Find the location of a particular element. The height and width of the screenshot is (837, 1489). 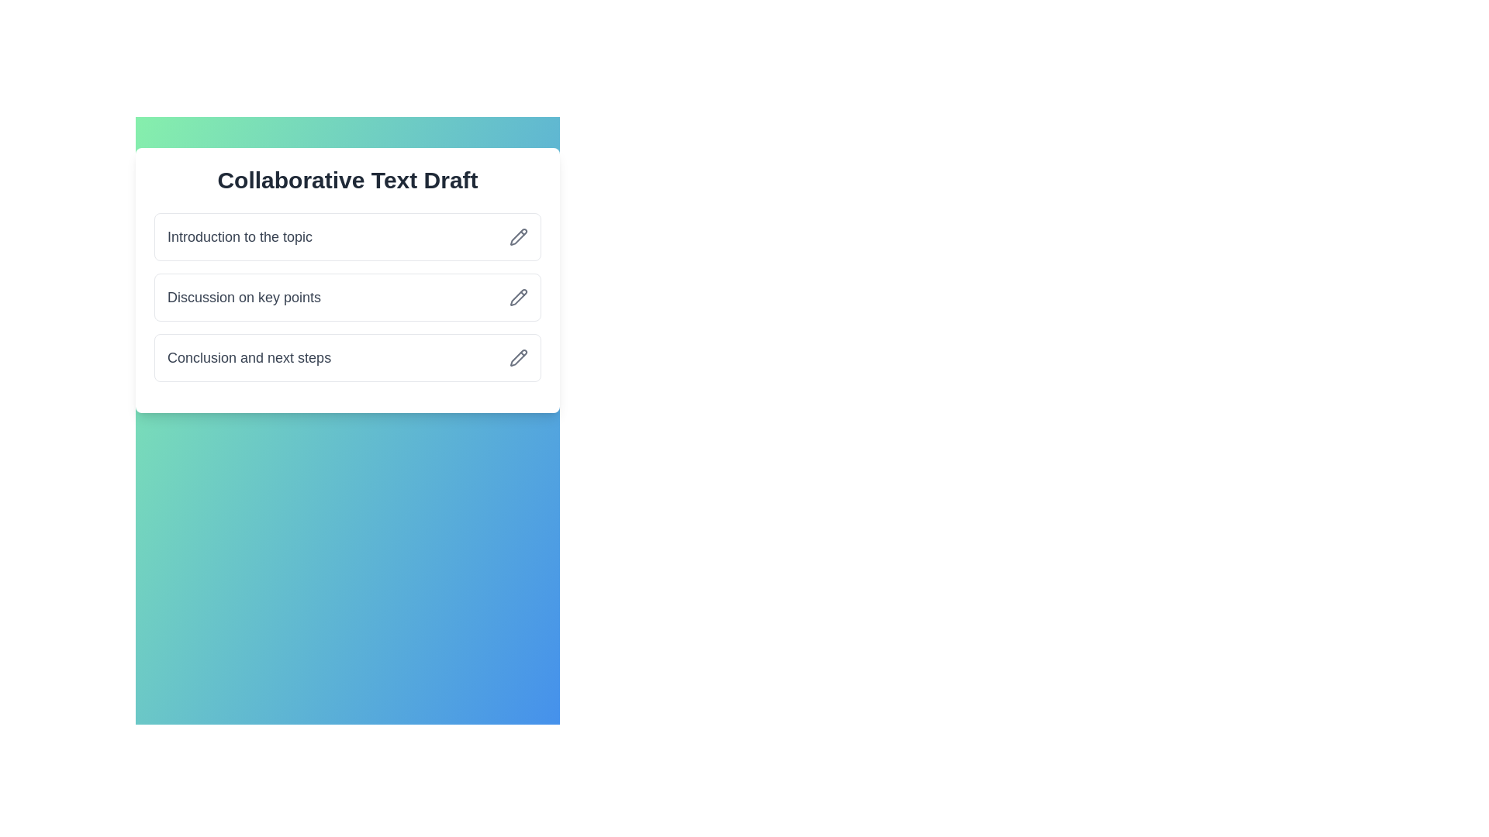

the header text element located at the top center of the white, rounded rectangular card that introduces its content is located at coordinates (347, 179).